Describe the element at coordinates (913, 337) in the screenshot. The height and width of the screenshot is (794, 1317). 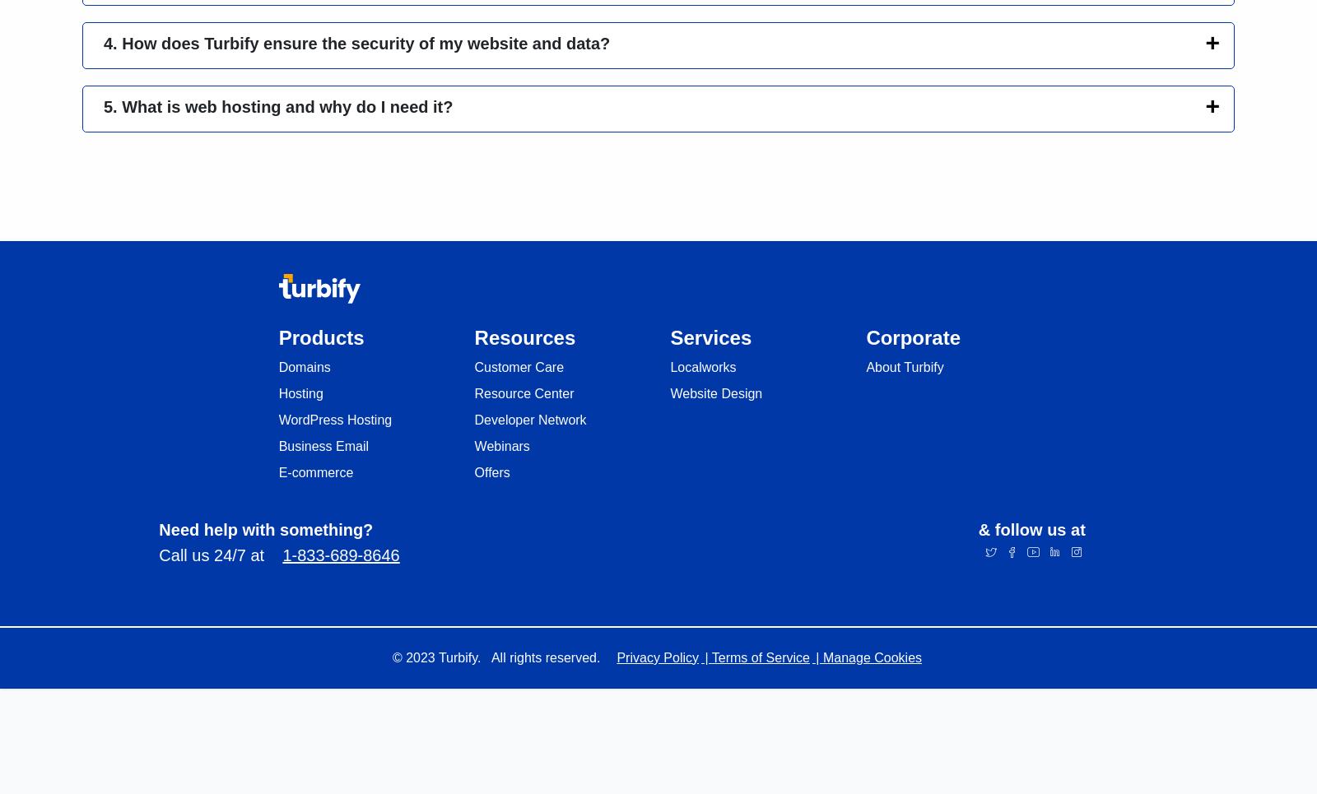
I see `'Corporate'` at that location.